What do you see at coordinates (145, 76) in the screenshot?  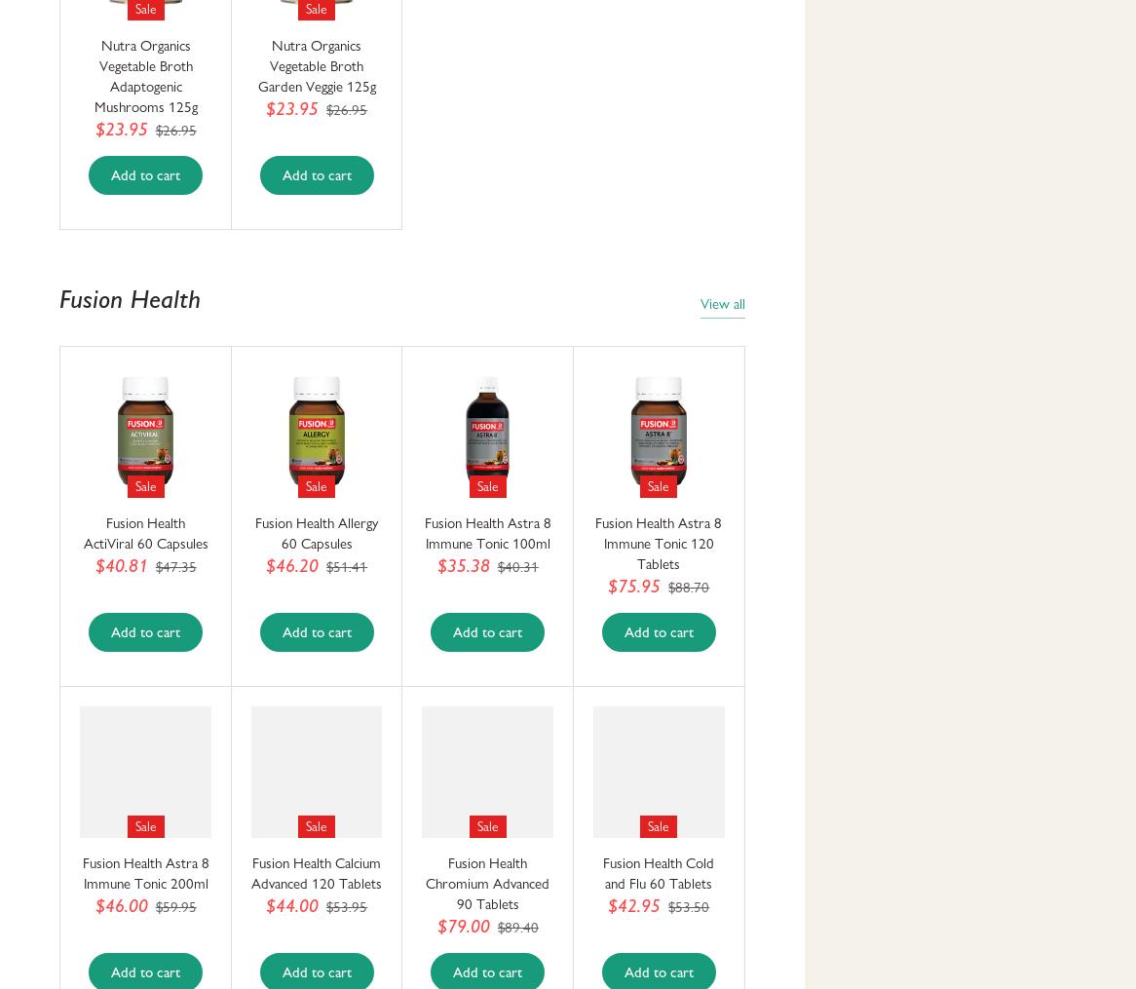 I see `'Nutra Organics Vegetable Broth Adaptogenic Mushrooms 125g'` at bounding box center [145, 76].